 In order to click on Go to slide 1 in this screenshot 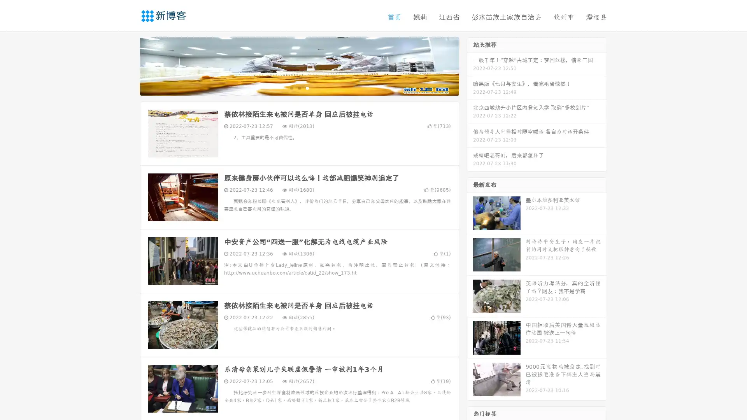, I will do `click(291, 87)`.